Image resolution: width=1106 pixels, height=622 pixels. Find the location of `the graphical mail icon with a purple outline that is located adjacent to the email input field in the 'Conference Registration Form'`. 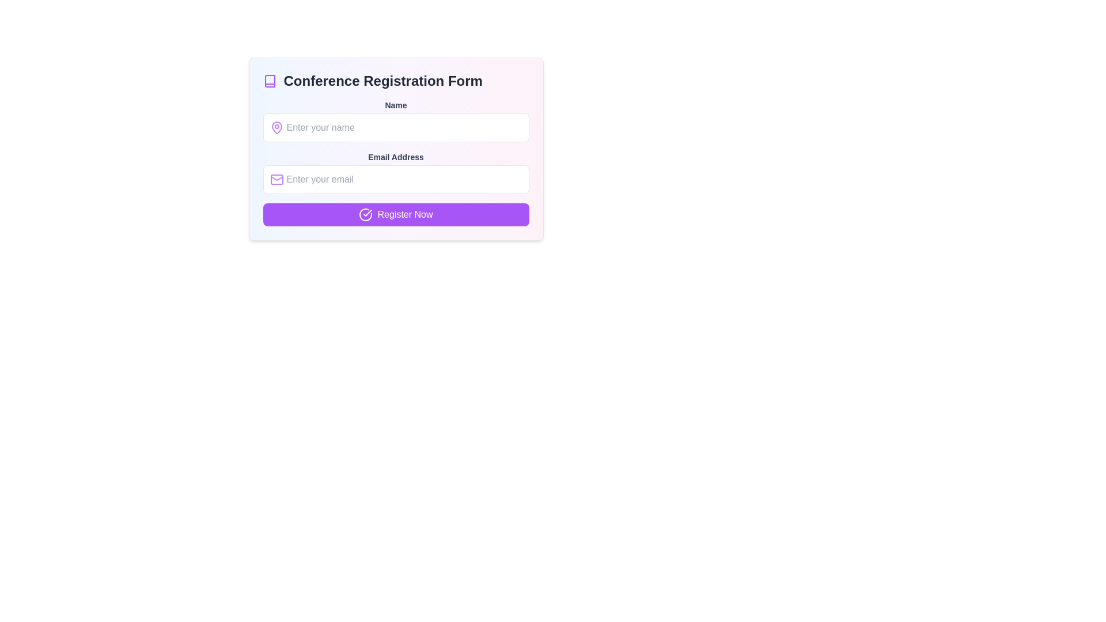

the graphical mail icon with a purple outline that is located adjacent to the email input field in the 'Conference Registration Form' is located at coordinates (276, 180).